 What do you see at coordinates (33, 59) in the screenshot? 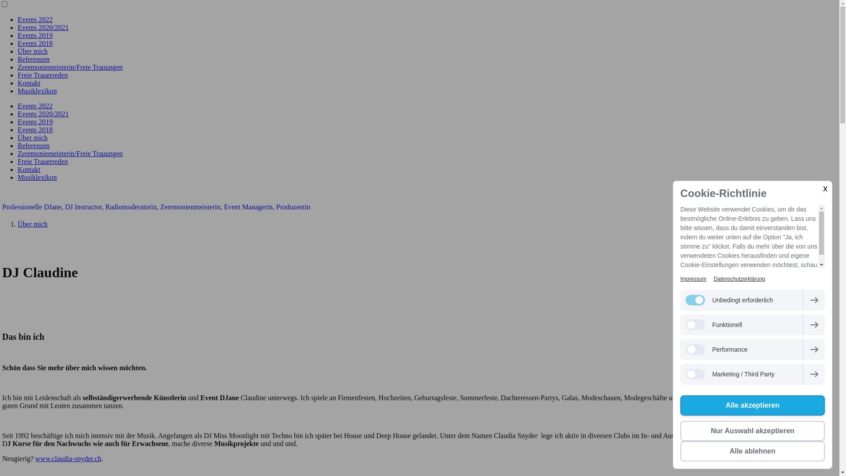
I see `'Referenzen'` at bounding box center [33, 59].